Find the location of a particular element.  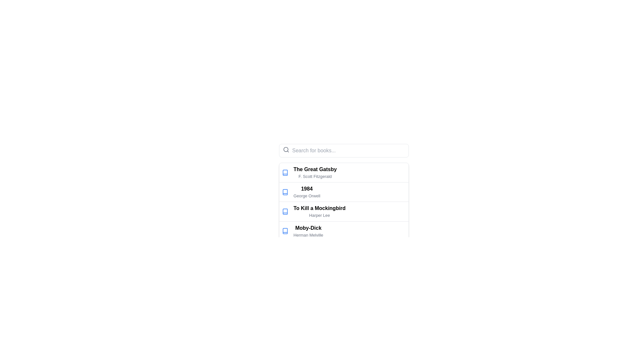

the text label displaying 'George Orwell', which is located below the '1984' label in the list of items is located at coordinates (306, 195).